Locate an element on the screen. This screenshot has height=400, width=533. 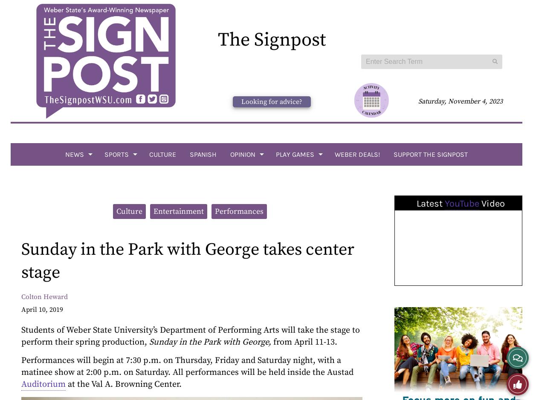
'Entertainment' is located at coordinates (178, 211).